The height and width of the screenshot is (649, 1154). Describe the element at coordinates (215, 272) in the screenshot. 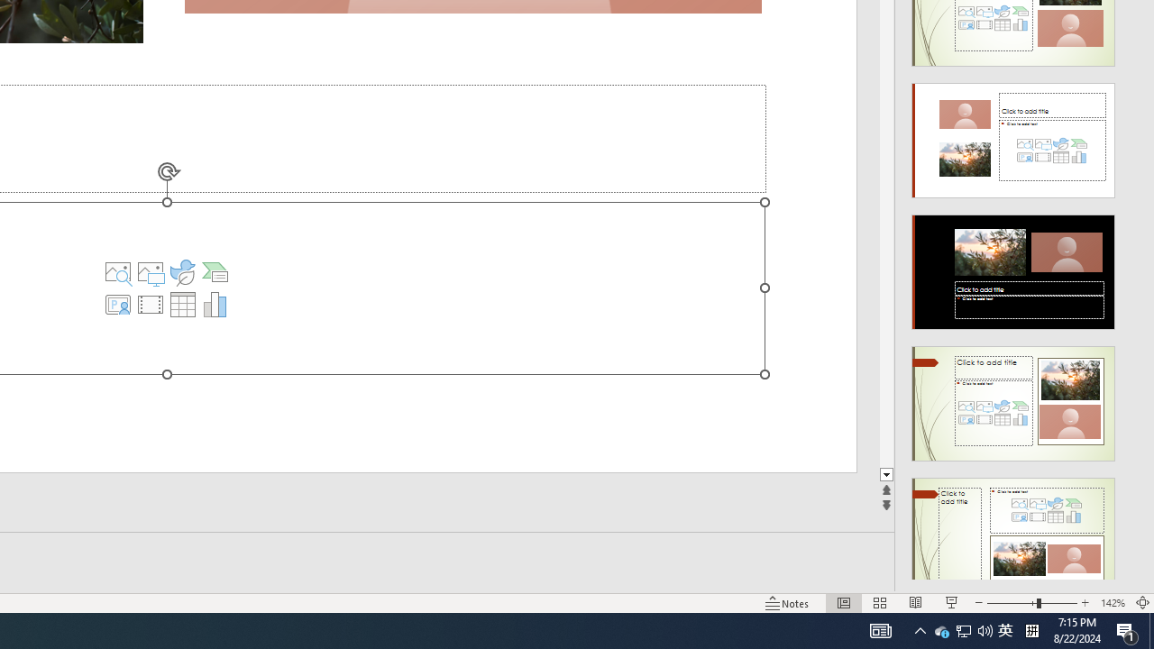

I see `'Insert a SmartArt Graphic'` at that location.